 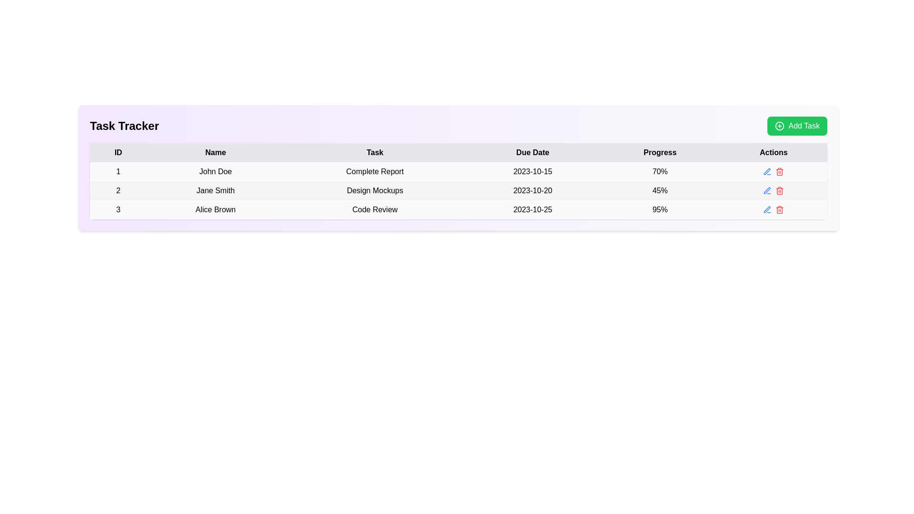 What do you see at coordinates (767, 191) in the screenshot?
I see `the editing button in the 'Actions' column of the second row in the data table to initiate editing` at bounding box center [767, 191].